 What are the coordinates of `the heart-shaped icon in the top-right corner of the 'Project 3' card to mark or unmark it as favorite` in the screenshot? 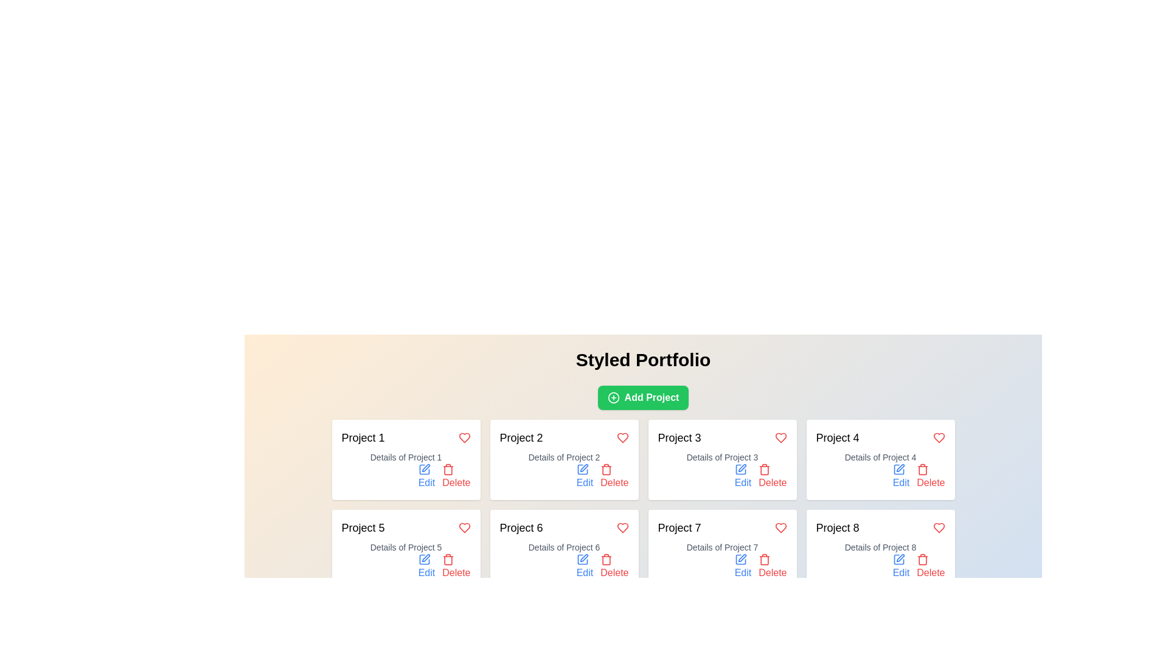 It's located at (780, 438).